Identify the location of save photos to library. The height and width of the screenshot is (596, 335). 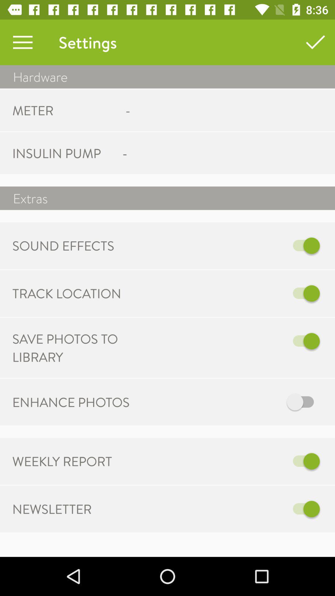
(232, 341).